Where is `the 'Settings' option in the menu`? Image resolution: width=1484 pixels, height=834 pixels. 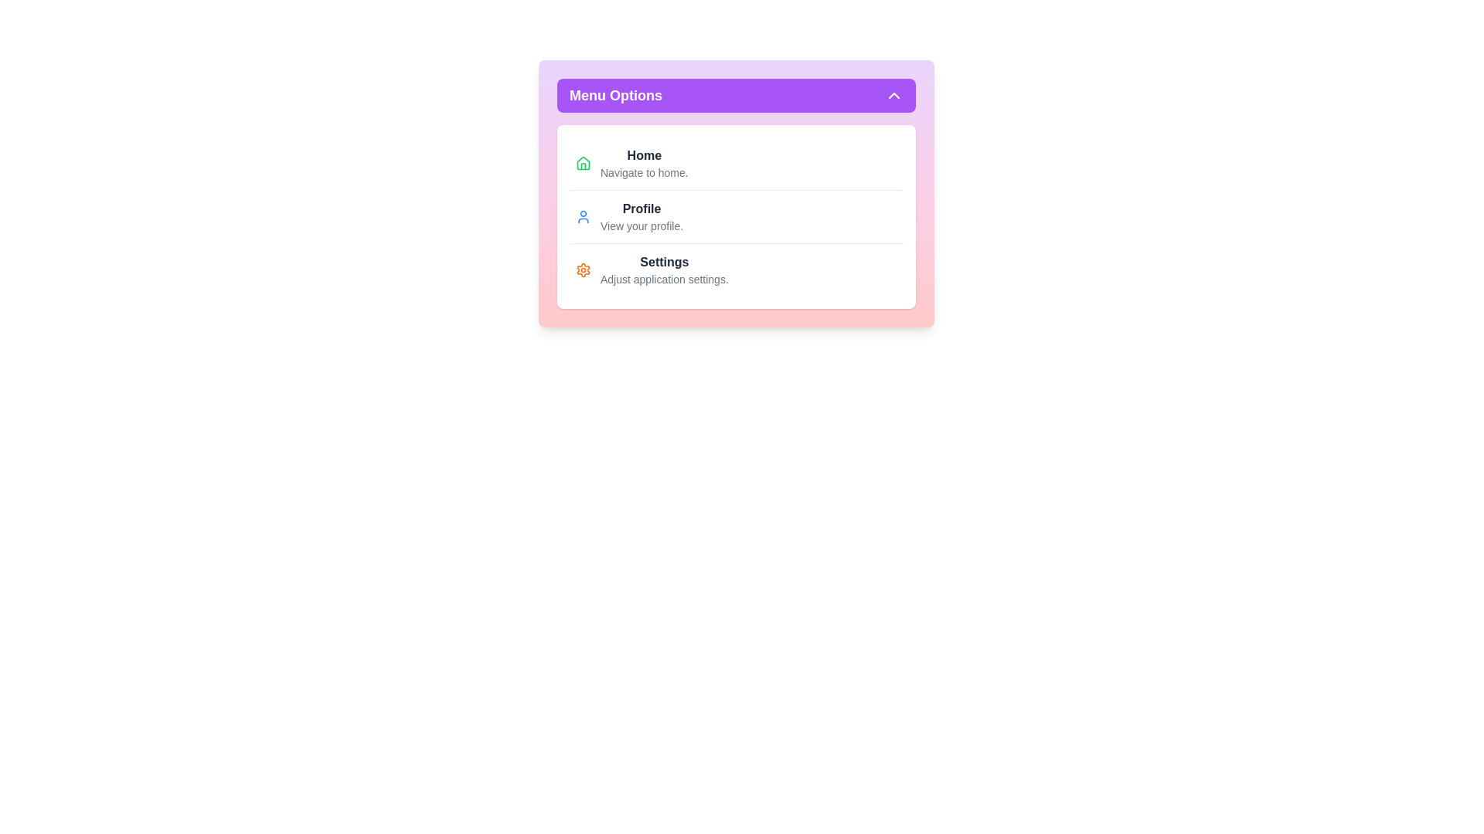 the 'Settings' option in the menu is located at coordinates (736, 270).